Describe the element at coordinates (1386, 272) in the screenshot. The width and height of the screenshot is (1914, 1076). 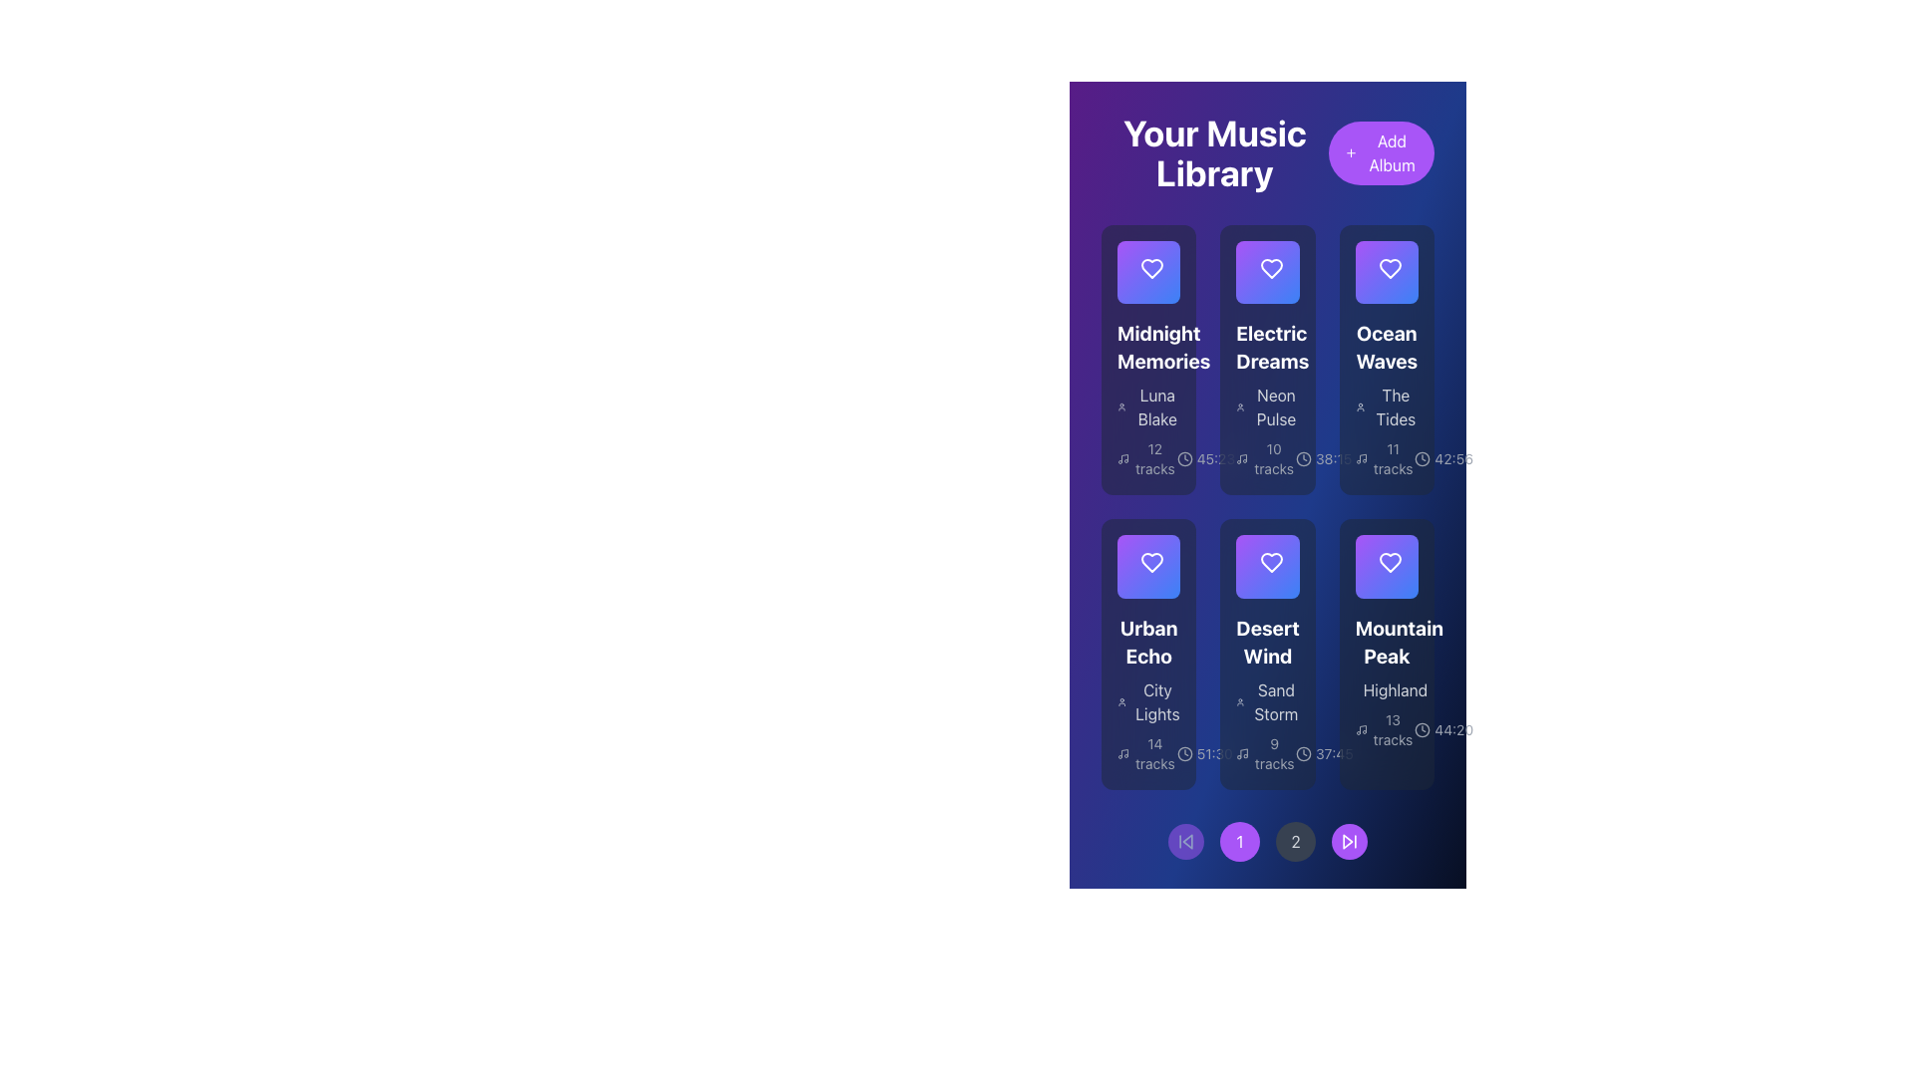
I see `the play button located in the top-right section of the third album 'Ocean Waves'` at that location.